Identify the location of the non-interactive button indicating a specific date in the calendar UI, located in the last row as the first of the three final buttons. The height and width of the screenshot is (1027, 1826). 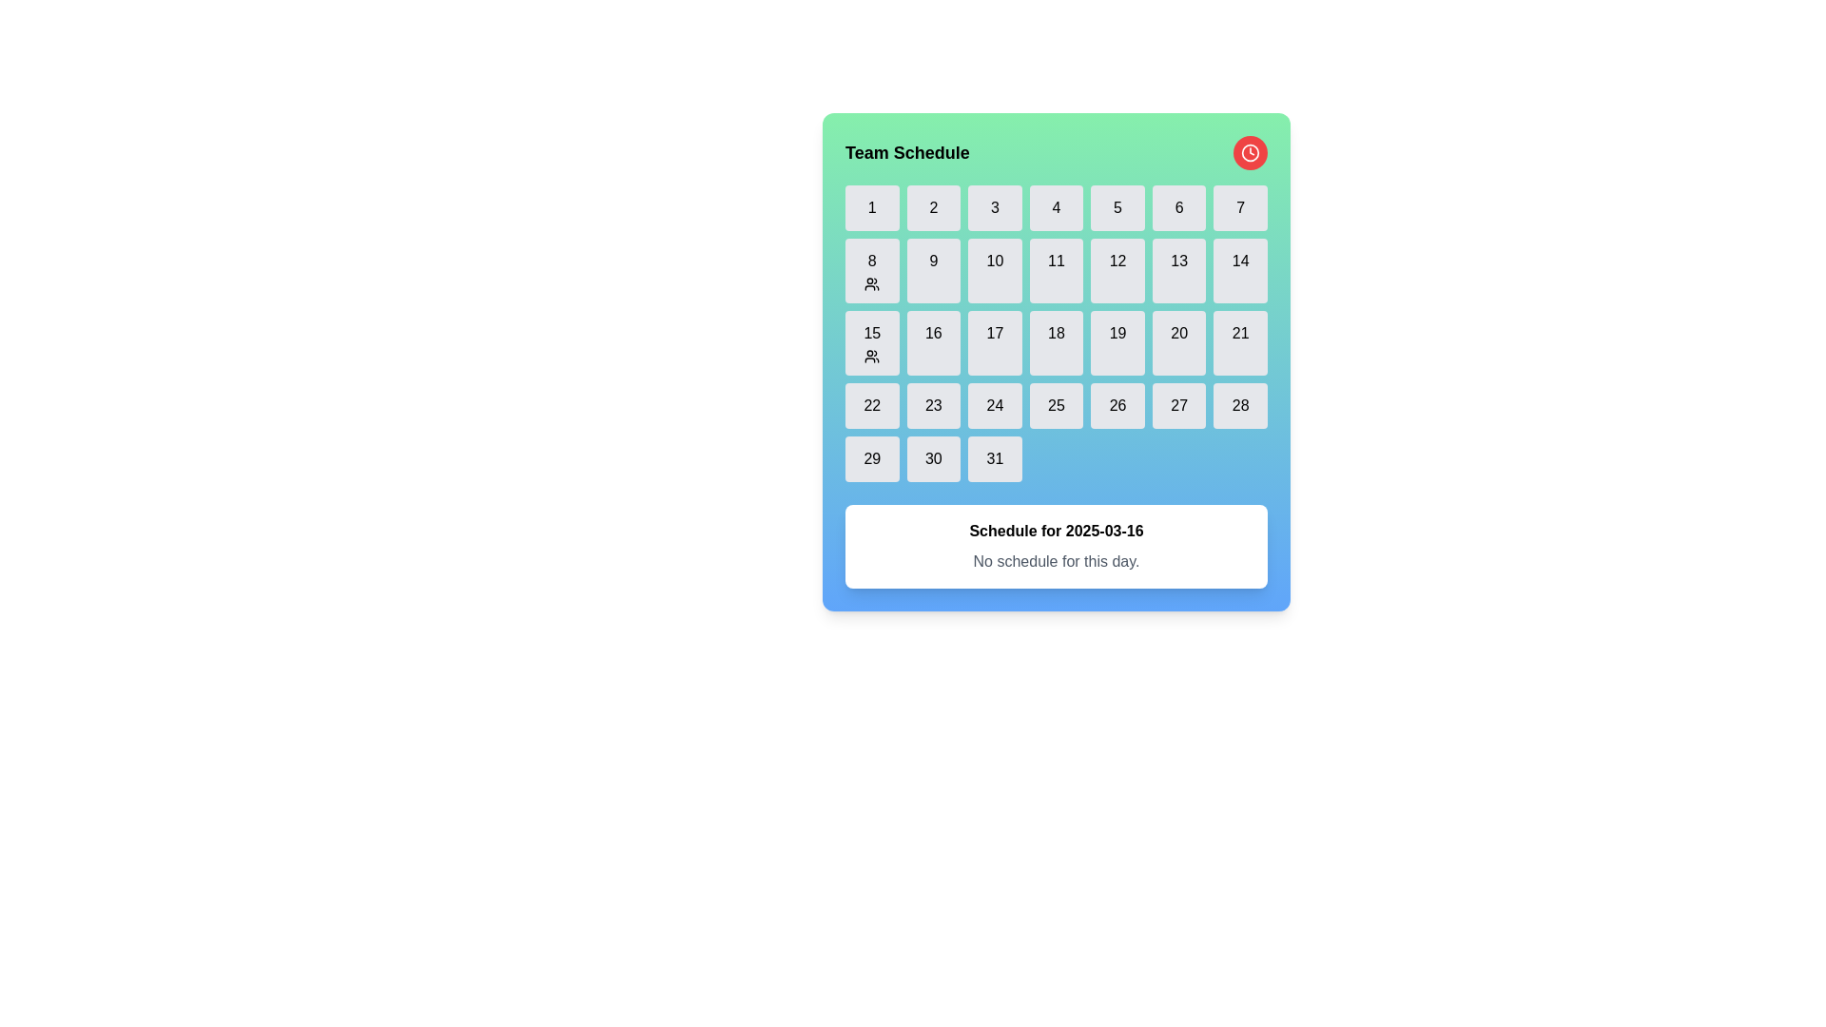
(871, 458).